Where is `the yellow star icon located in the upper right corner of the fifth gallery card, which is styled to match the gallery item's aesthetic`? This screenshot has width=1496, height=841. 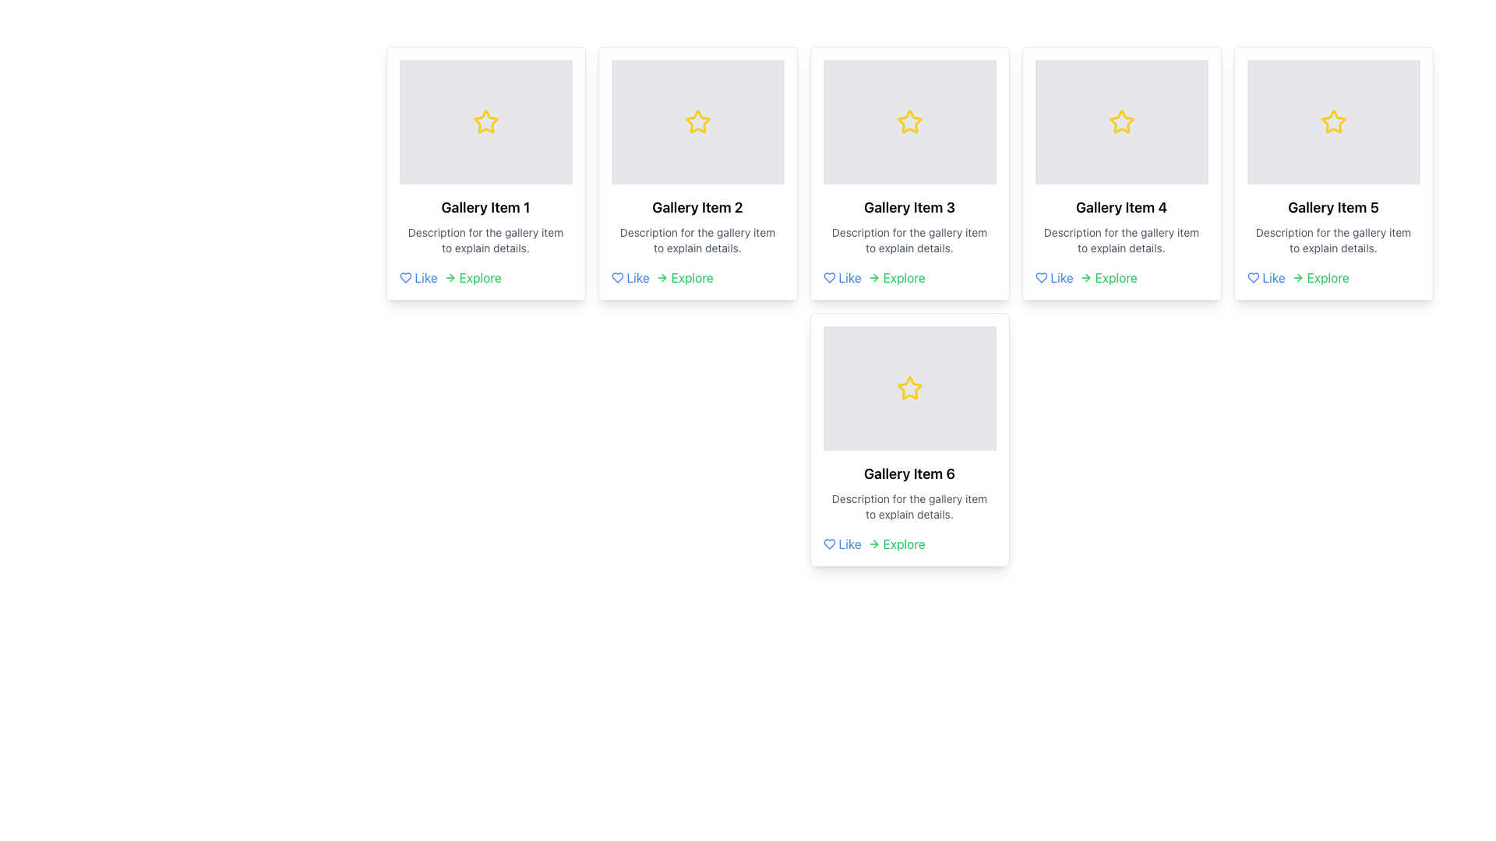 the yellow star icon located in the upper right corner of the fifth gallery card, which is styled to match the gallery item's aesthetic is located at coordinates (1332, 121).